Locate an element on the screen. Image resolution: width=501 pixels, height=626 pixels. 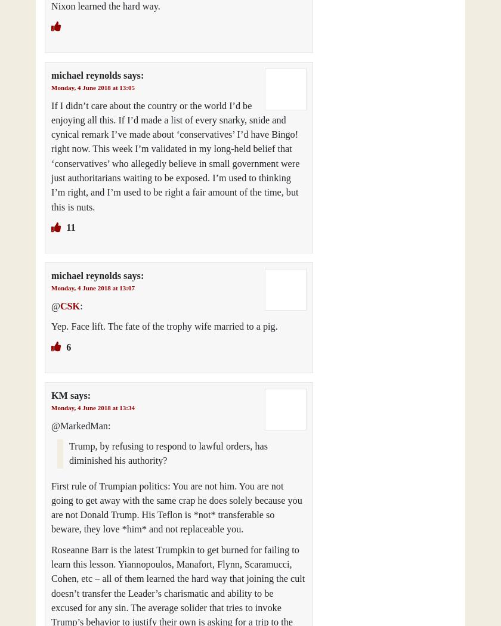
':' is located at coordinates (81, 305).